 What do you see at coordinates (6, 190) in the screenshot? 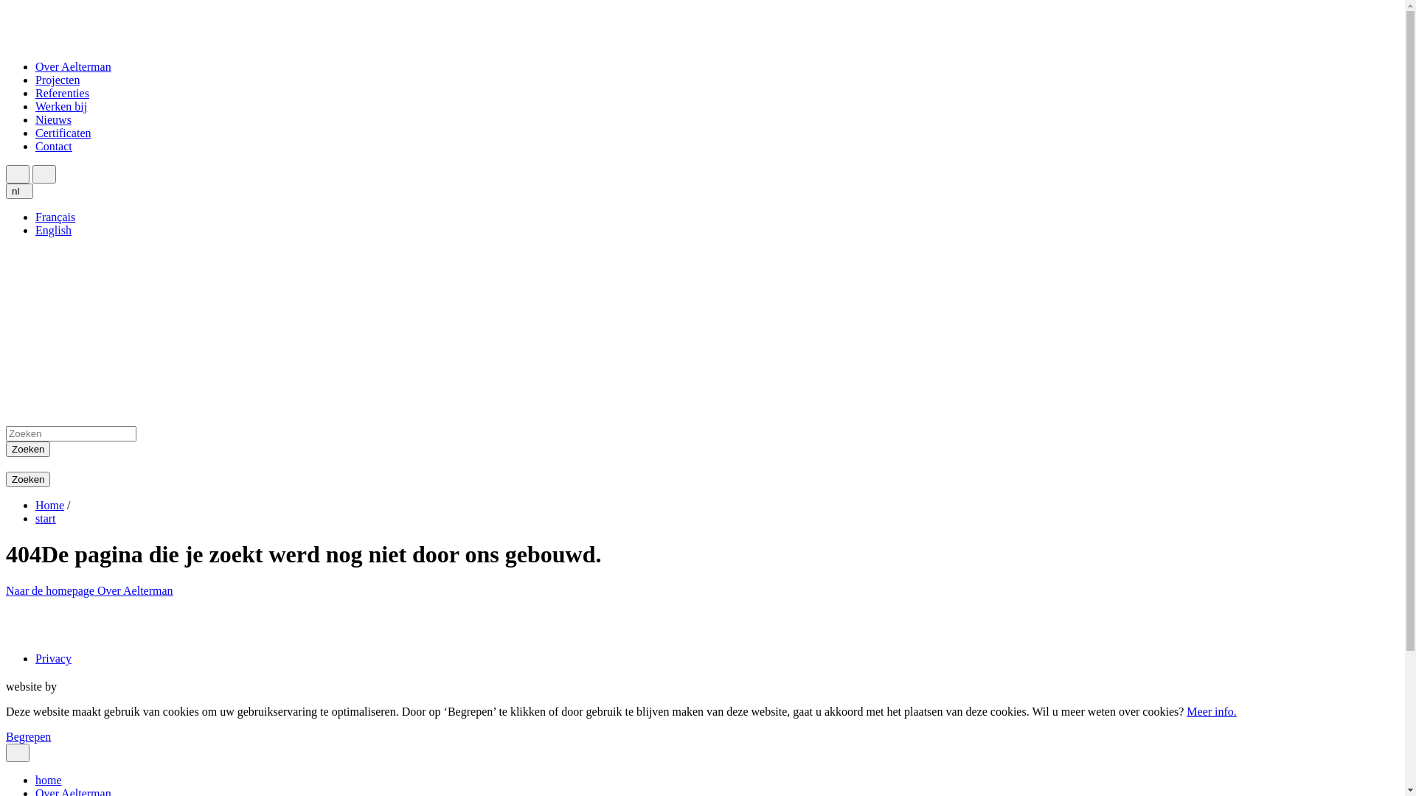
I see `'nl'` at bounding box center [6, 190].